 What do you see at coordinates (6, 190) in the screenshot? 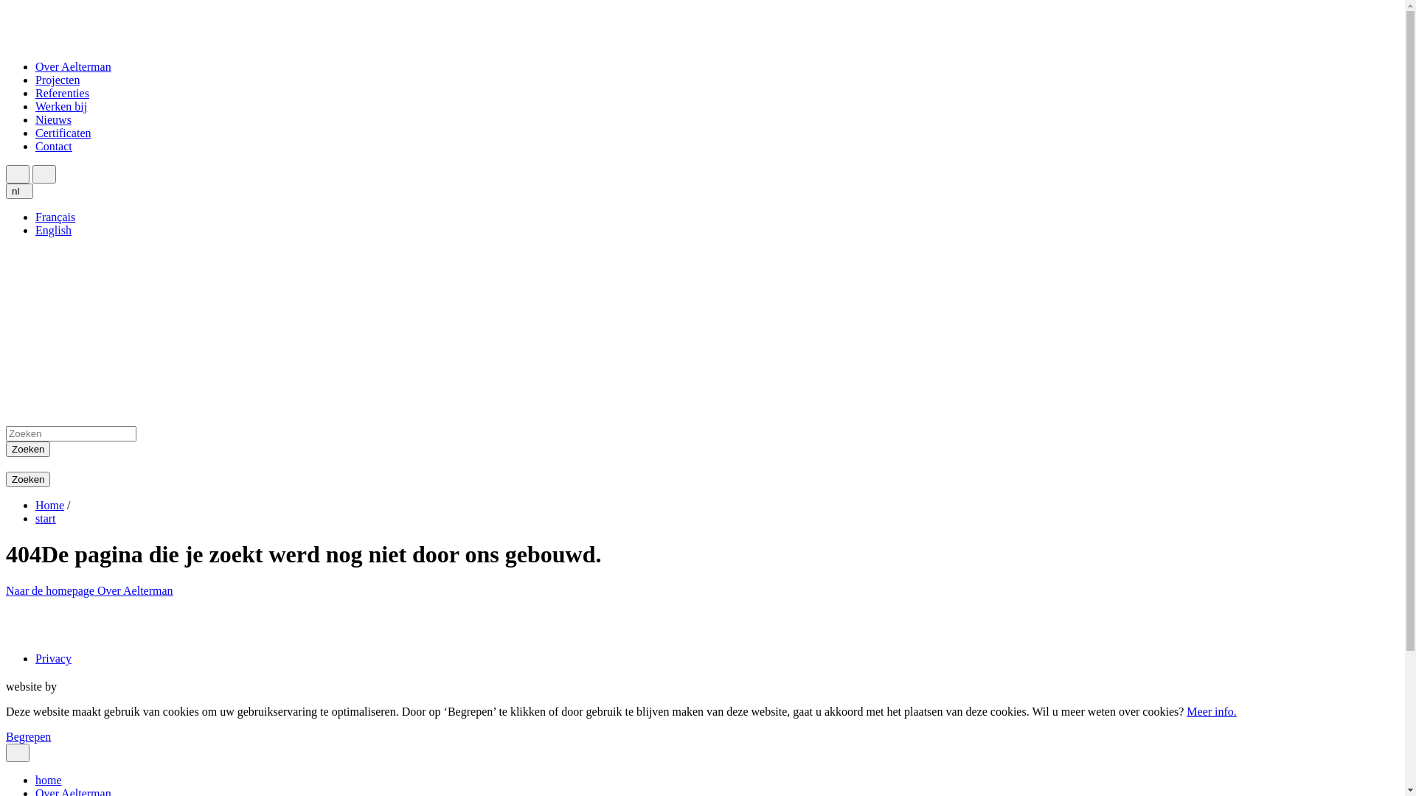
I see `'nl'` at bounding box center [6, 190].